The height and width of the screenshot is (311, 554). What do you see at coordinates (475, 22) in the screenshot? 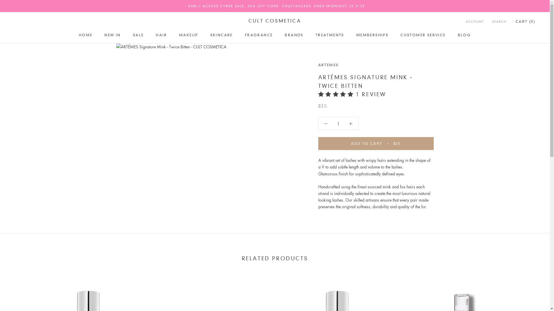
I see `'ACCOUNT'` at bounding box center [475, 22].